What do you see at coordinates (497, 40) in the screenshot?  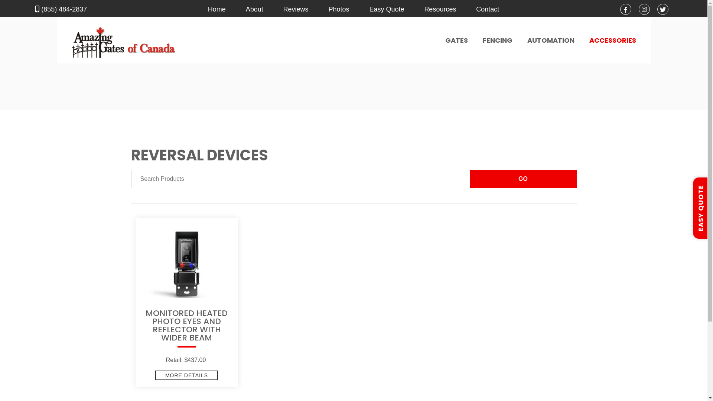 I see `'FENCING'` at bounding box center [497, 40].